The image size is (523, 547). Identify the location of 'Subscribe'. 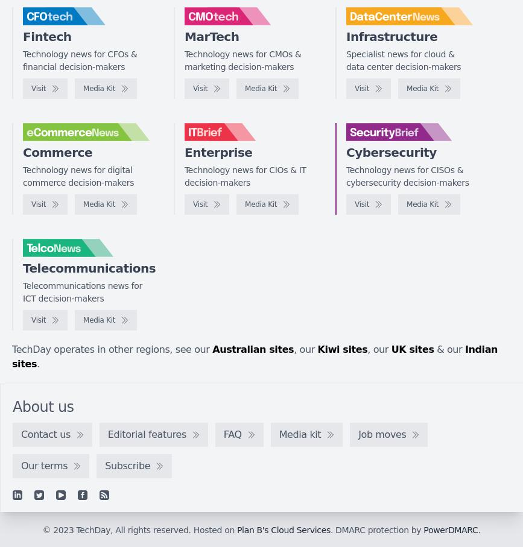
(127, 464).